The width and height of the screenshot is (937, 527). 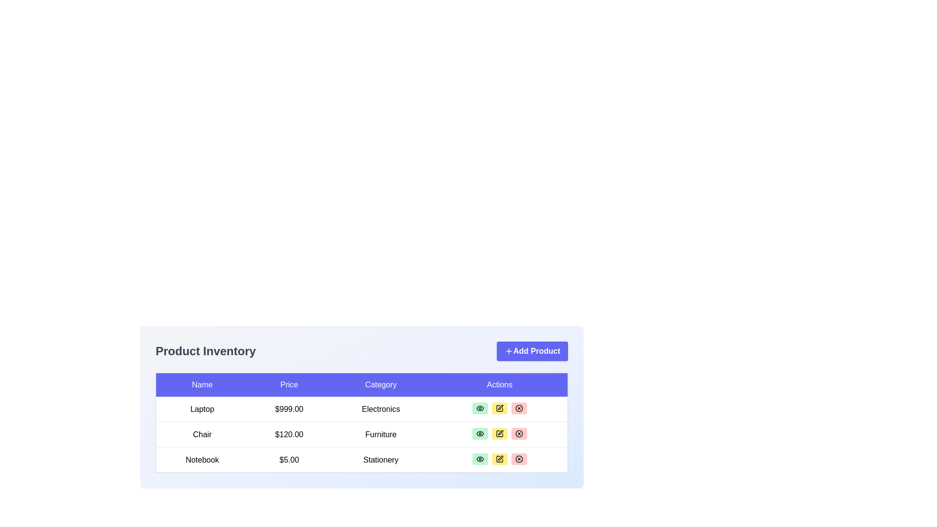 What do you see at coordinates (202, 409) in the screenshot?
I see `the text label displaying 'Laptop', which is located in the leftmost column of the top row of the product list` at bounding box center [202, 409].